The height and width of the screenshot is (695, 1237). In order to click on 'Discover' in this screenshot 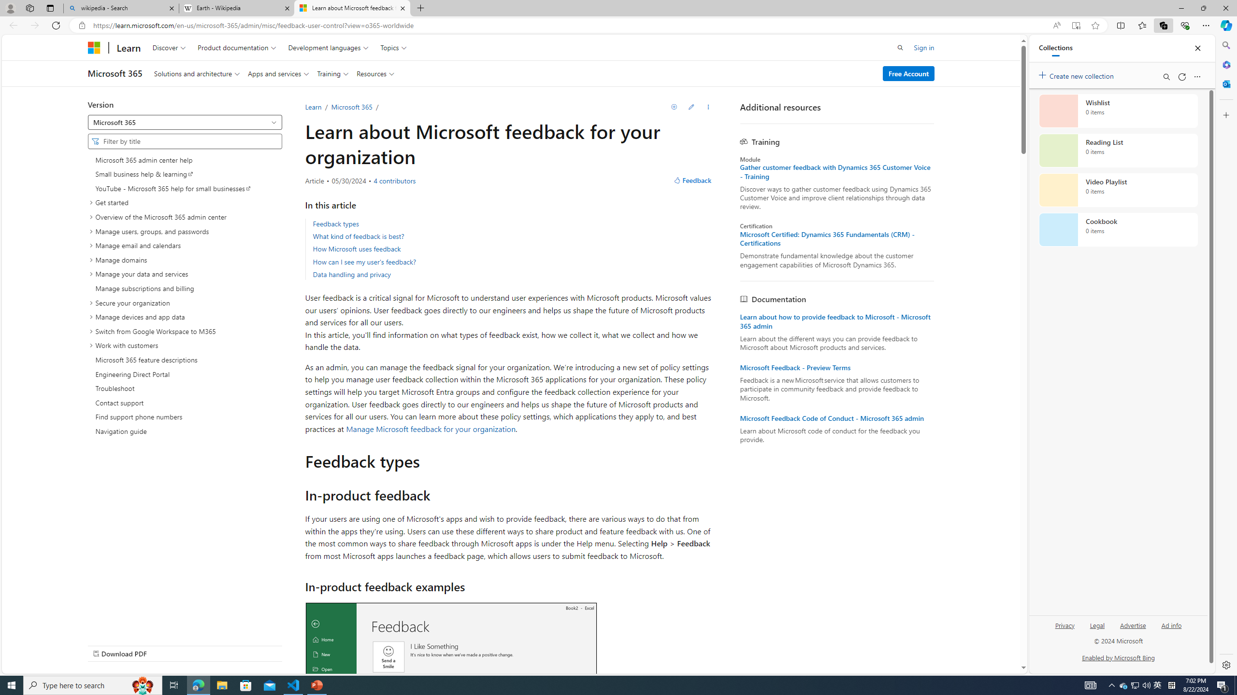, I will do `click(169, 47)`.